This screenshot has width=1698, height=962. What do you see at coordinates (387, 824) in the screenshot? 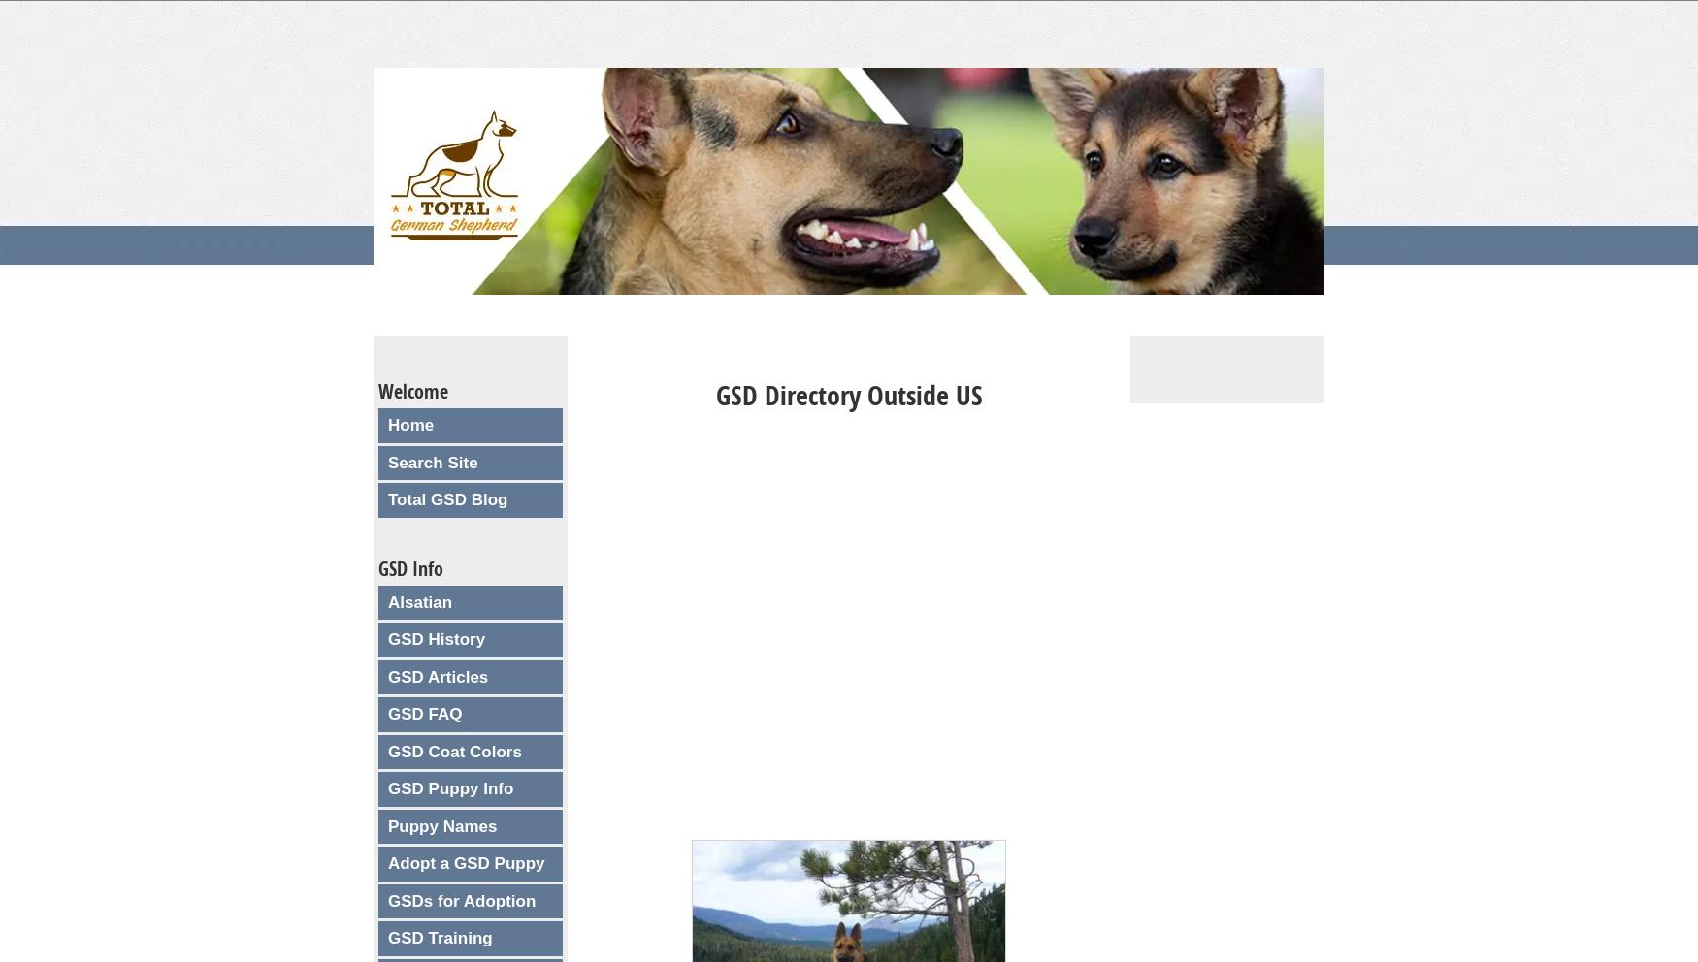
I see `'Puppy Names'` at bounding box center [387, 824].